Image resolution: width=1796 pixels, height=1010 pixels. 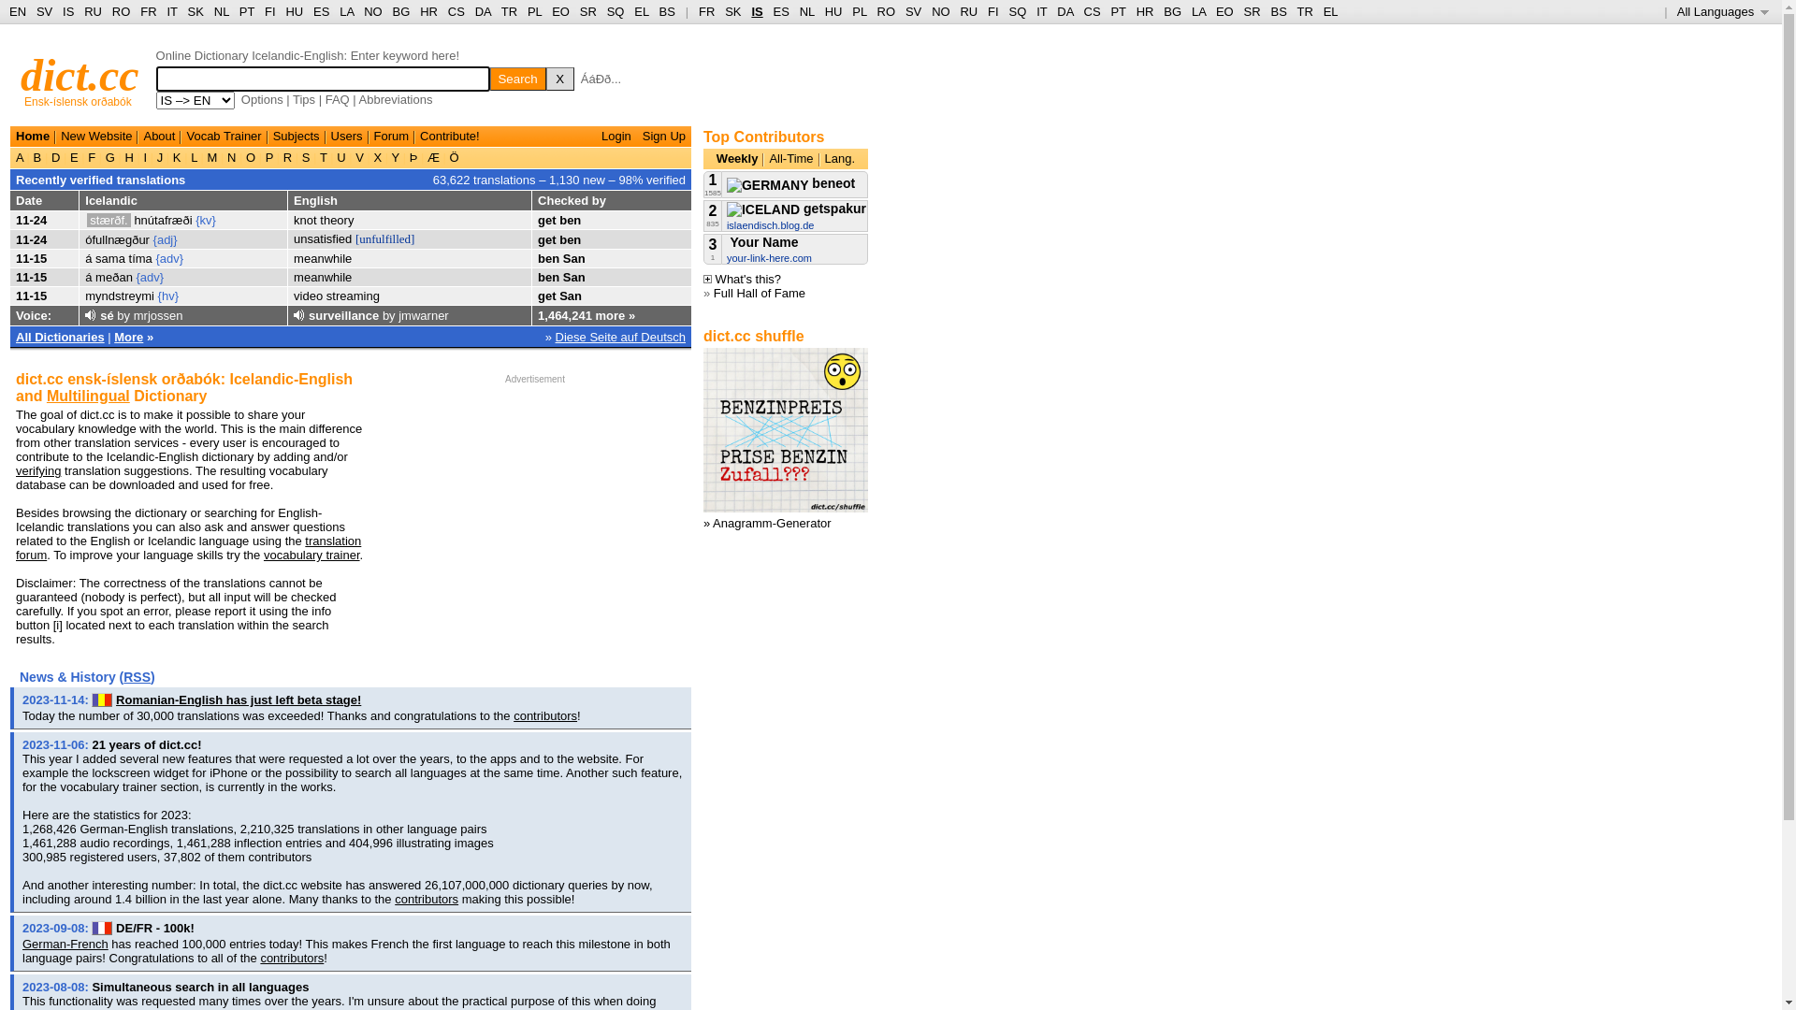 I want to click on 'ben', so click(x=537, y=277).